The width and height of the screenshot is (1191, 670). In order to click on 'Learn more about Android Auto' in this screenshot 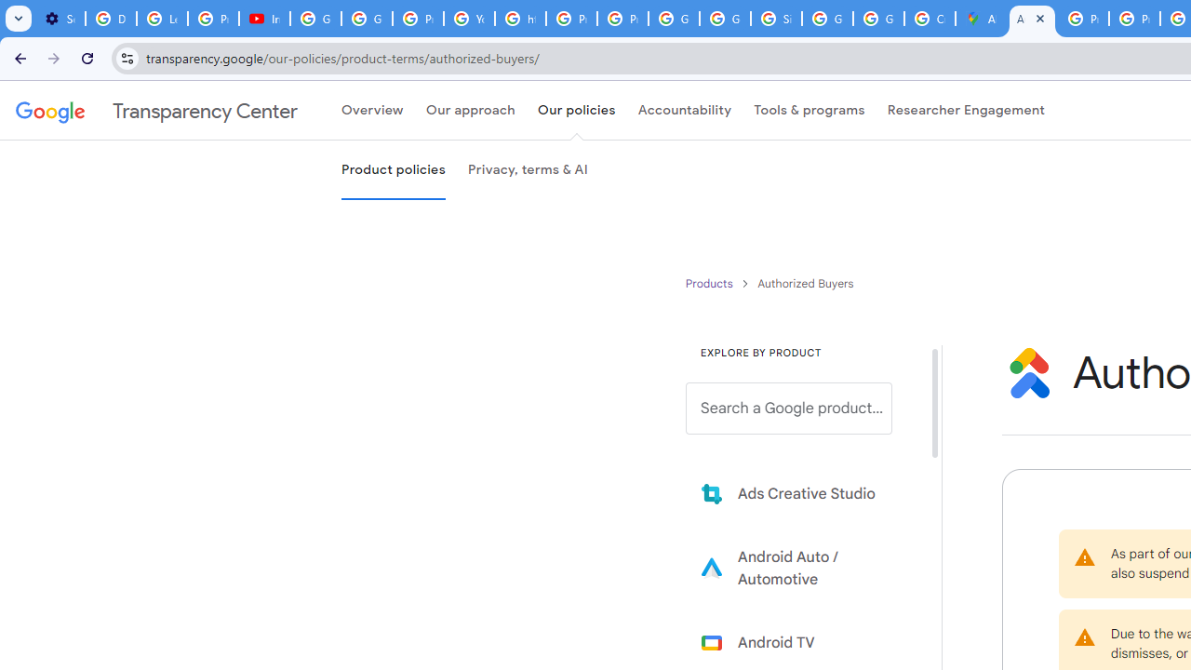, I will do `click(802, 567)`.